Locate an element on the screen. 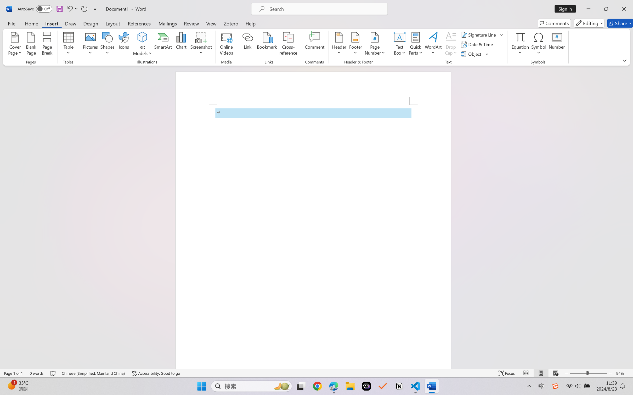  'Shapes' is located at coordinates (107, 44).